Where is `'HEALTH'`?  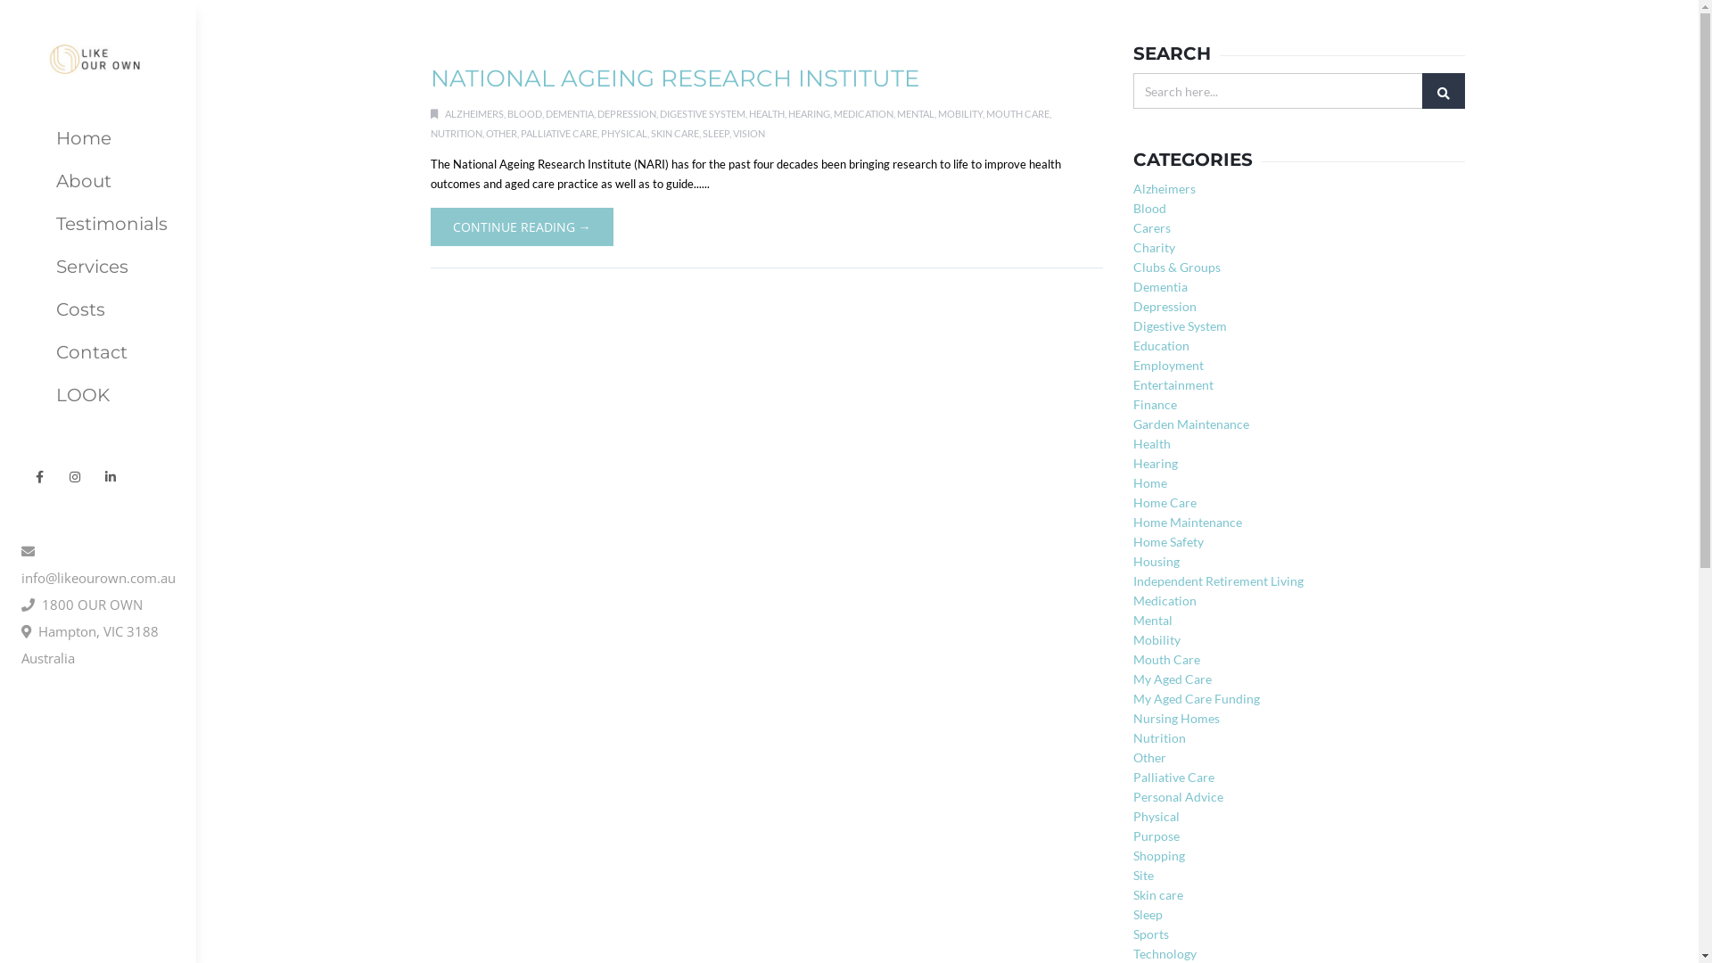
'HEALTH' is located at coordinates (766, 112).